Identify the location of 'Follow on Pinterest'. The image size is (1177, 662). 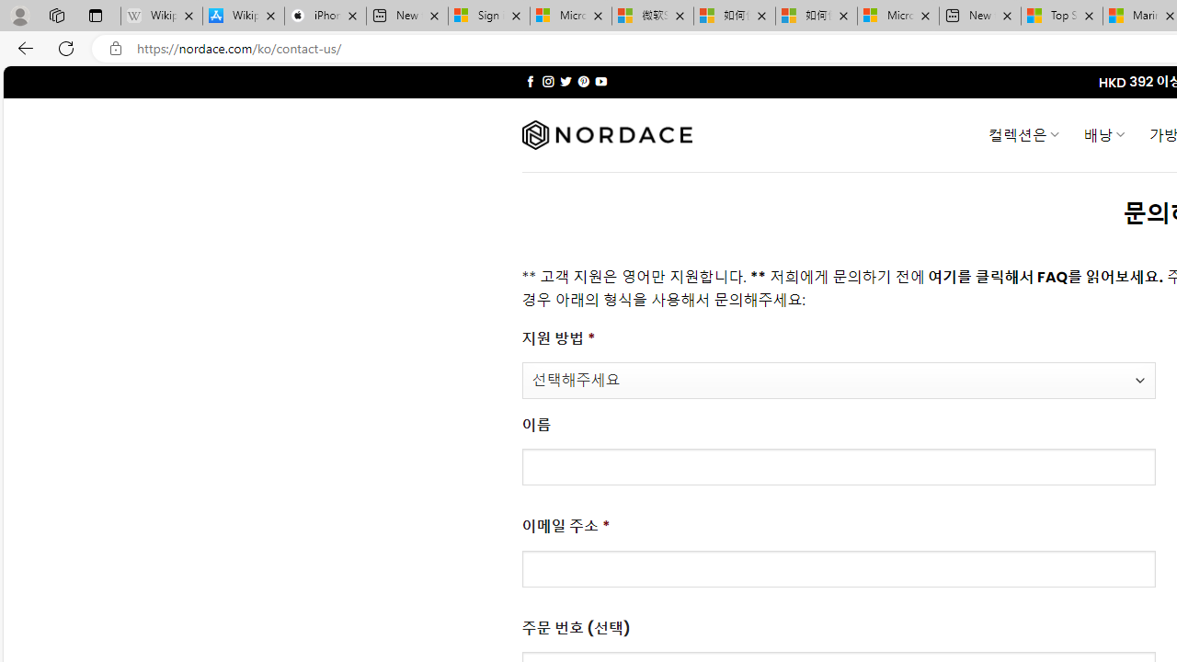
(582, 81).